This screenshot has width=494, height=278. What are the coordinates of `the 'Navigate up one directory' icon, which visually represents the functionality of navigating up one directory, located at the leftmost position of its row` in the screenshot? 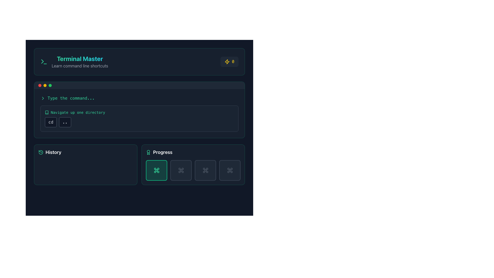 It's located at (47, 112).